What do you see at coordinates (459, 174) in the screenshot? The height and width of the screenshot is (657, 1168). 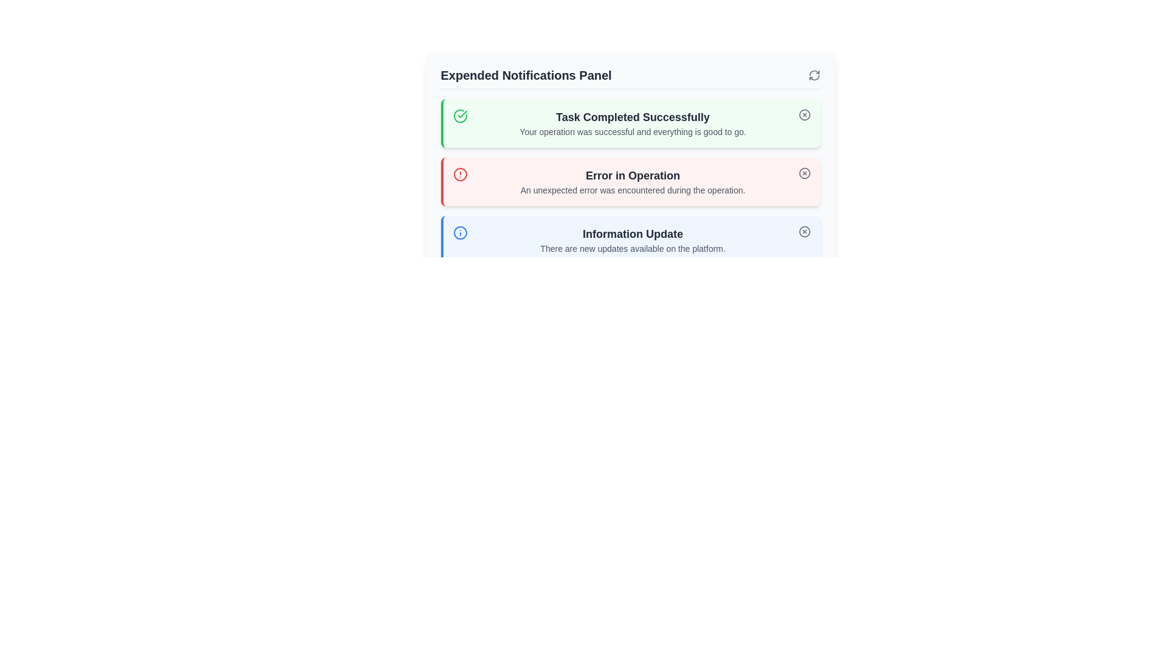 I see `the circular icon with a red border and alert symbol, located in the left part of the 'Error in Operation' notification box` at bounding box center [459, 174].